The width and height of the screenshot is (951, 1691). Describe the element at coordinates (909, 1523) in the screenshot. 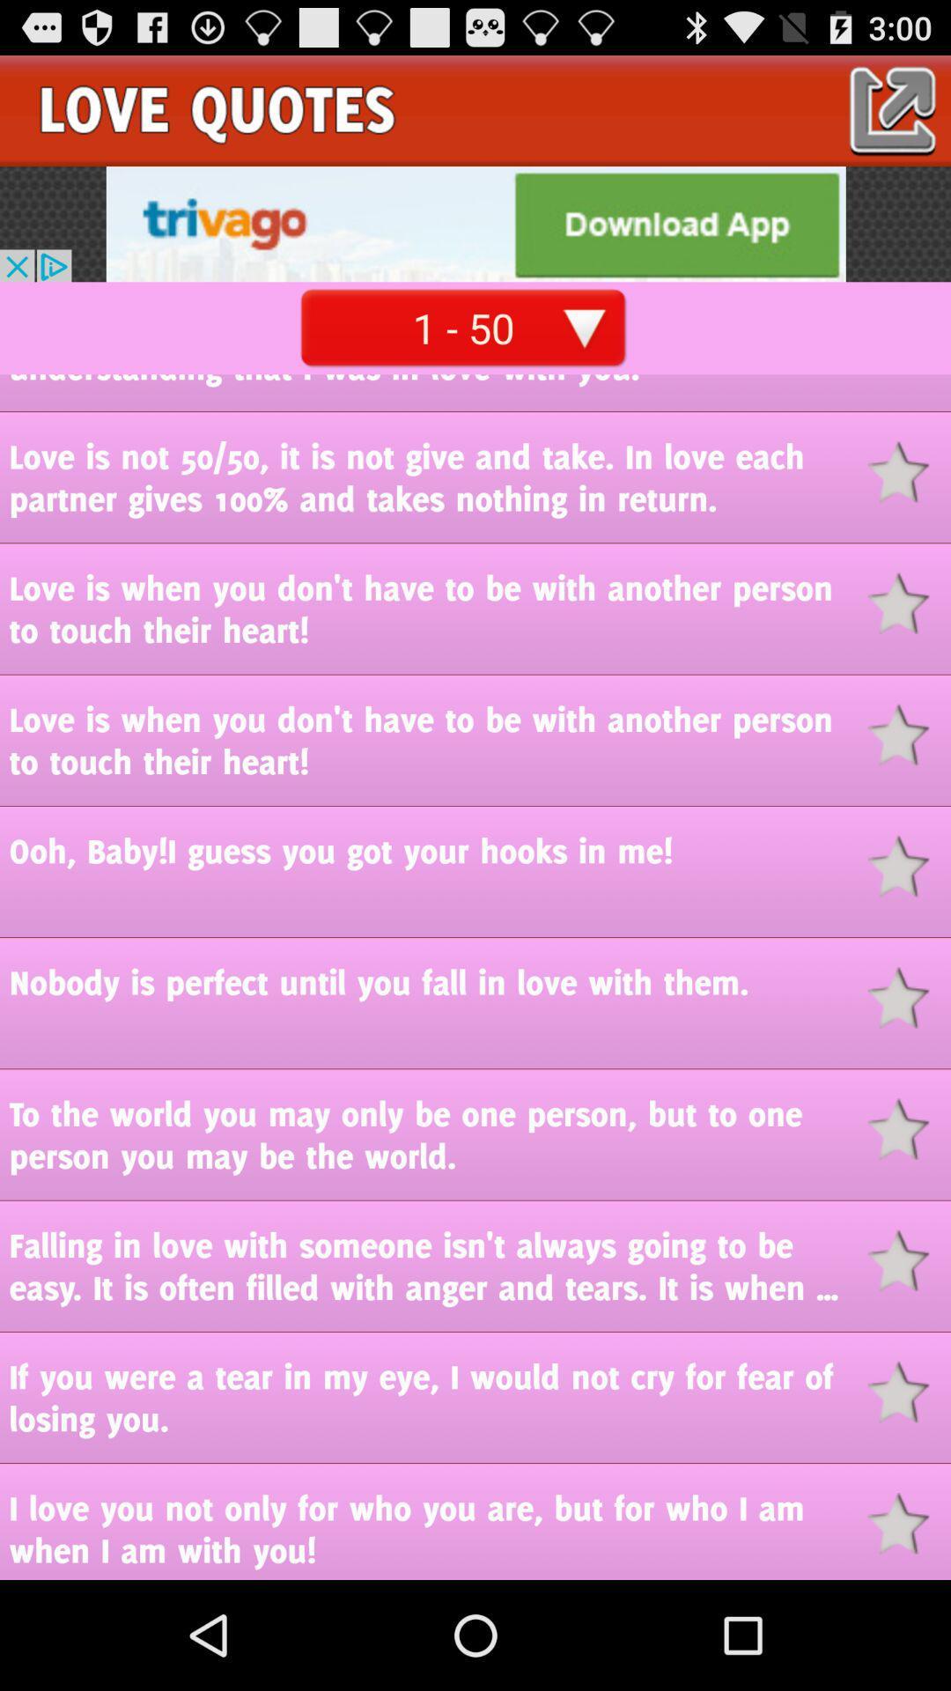

I see `to favorites` at that location.